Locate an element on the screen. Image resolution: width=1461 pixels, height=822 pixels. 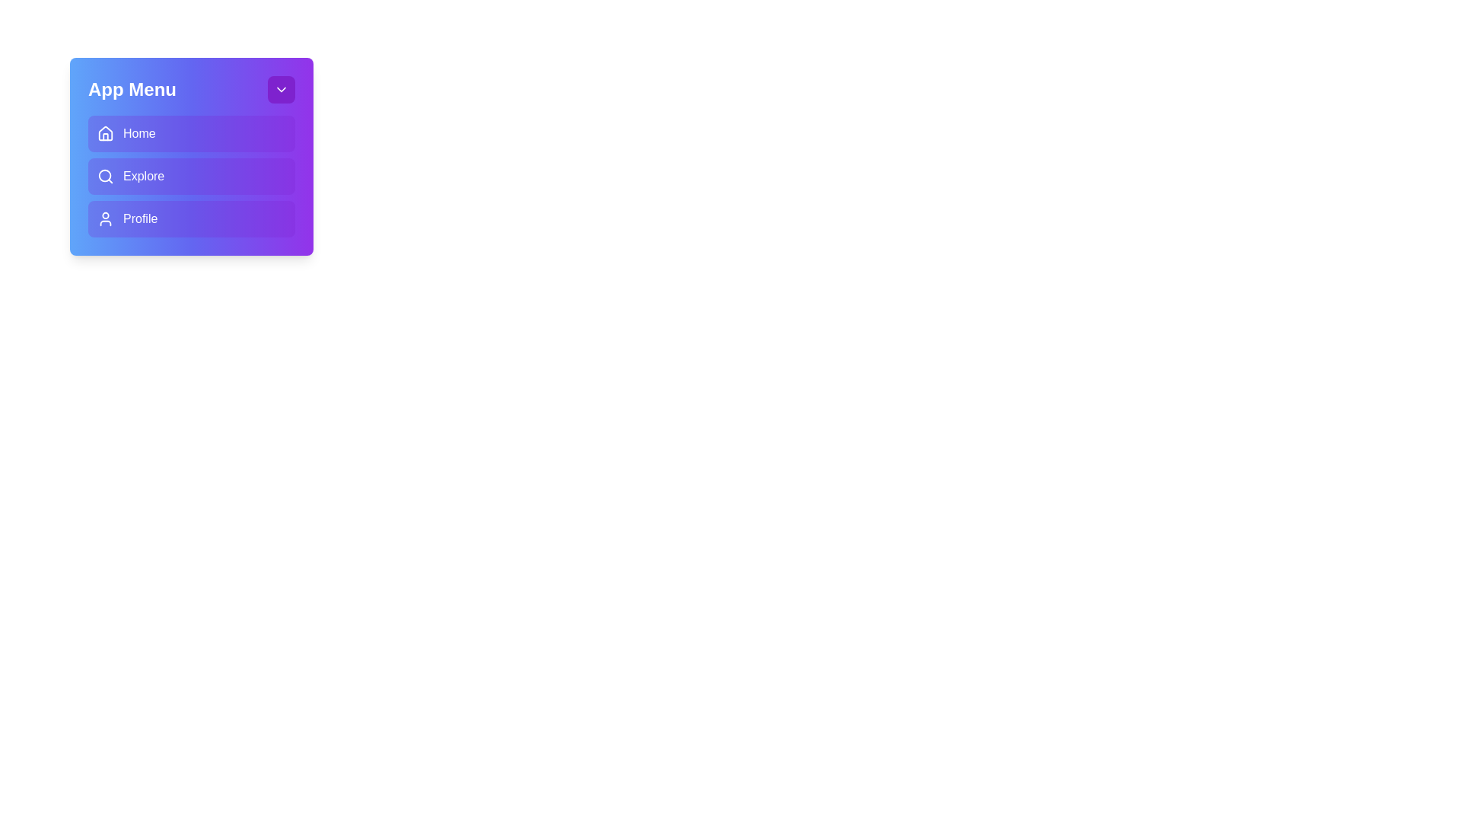
the inner circular graphical element of the search icon, which is identified as a 'lucide-search' icon located near the top-right corner of the interface is located at coordinates (104, 175).